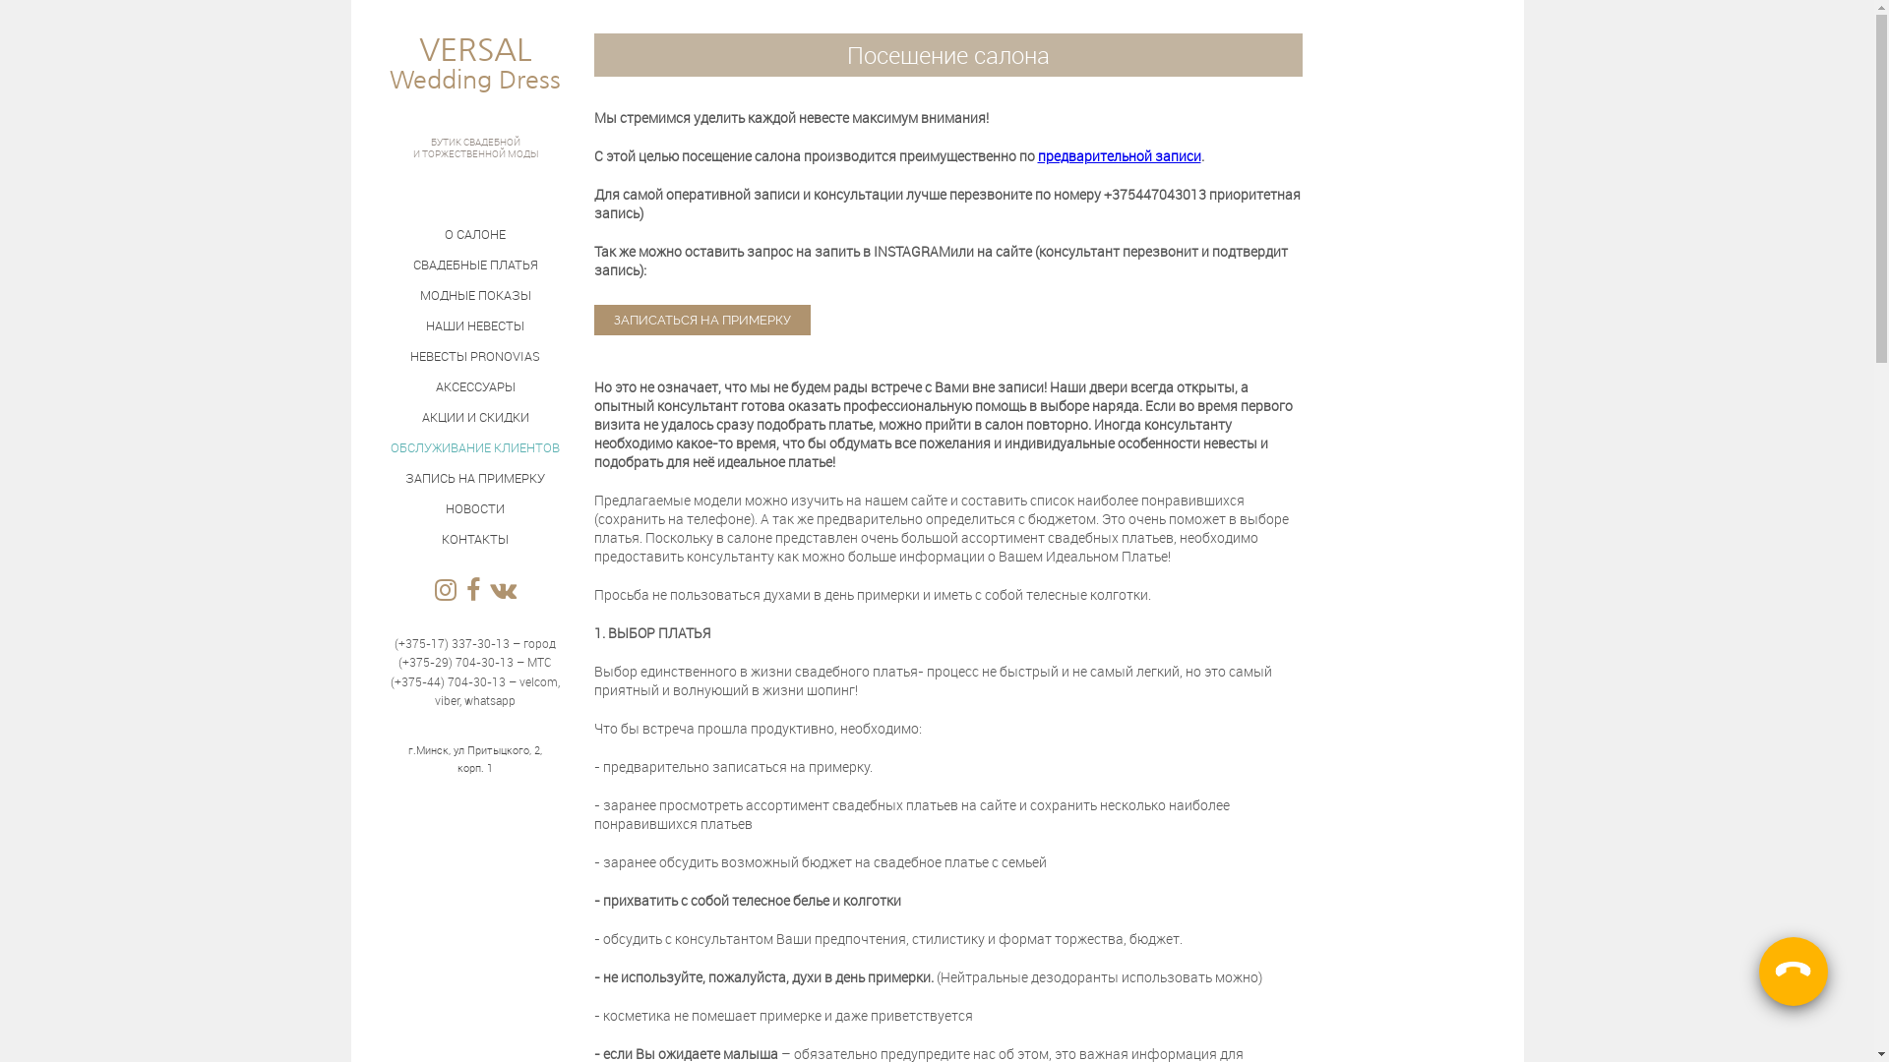  What do you see at coordinates (474, 82) in the screenshot?
I see `'VERSAL` at bounding box center [474, 82].